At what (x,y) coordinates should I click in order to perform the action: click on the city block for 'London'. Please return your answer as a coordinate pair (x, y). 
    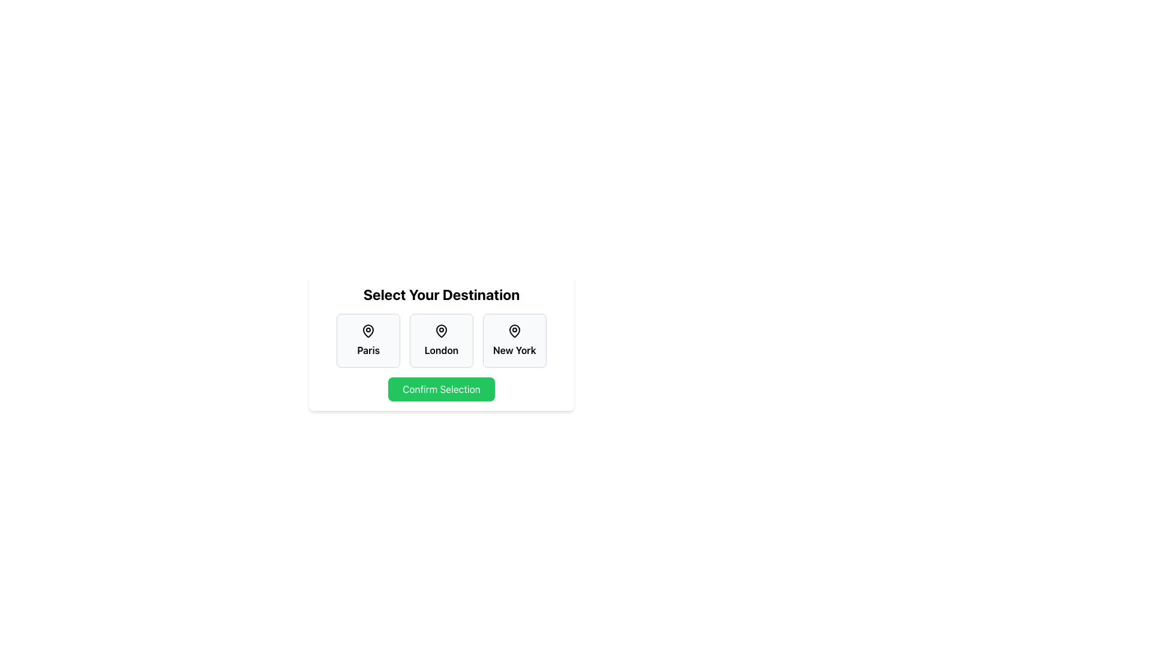
    Looking at the image, I should click on (440, 340).